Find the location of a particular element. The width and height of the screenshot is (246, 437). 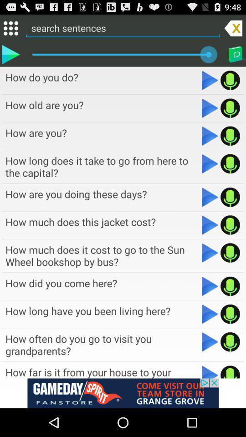

search option is located at coordinates (123, 28).